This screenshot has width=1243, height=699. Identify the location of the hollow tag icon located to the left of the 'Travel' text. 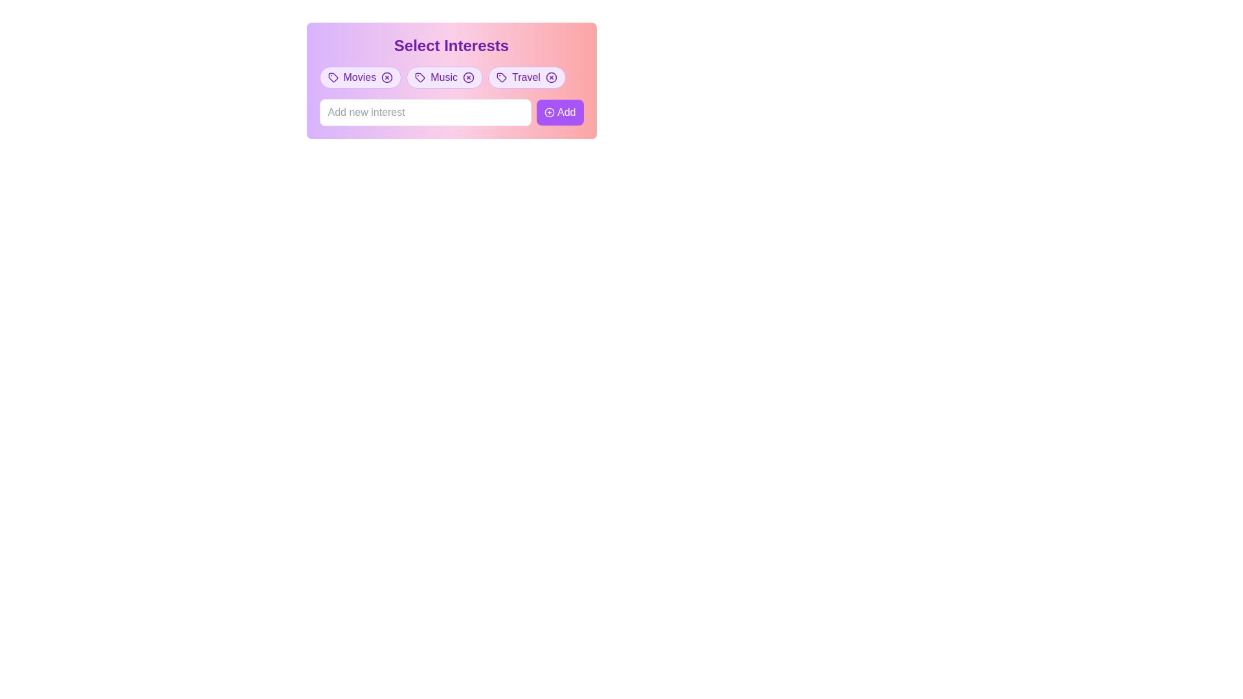
(500, 77).